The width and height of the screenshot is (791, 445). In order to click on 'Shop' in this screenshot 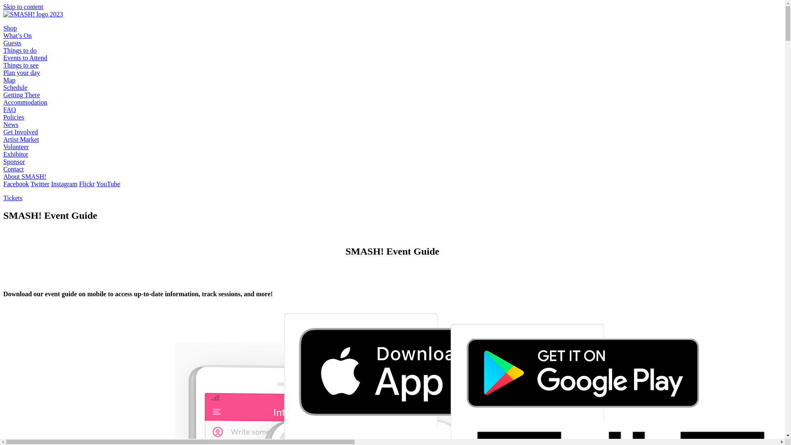, I will do `click(10, 28)`.